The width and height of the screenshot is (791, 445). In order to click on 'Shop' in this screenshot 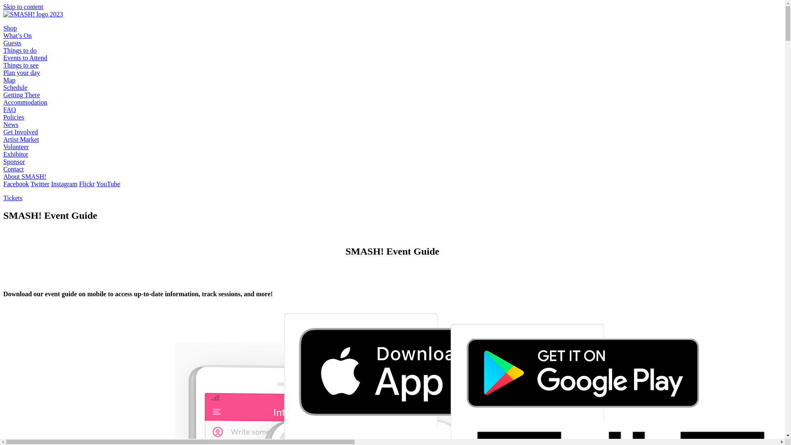, I will do `click(10, 28)`.